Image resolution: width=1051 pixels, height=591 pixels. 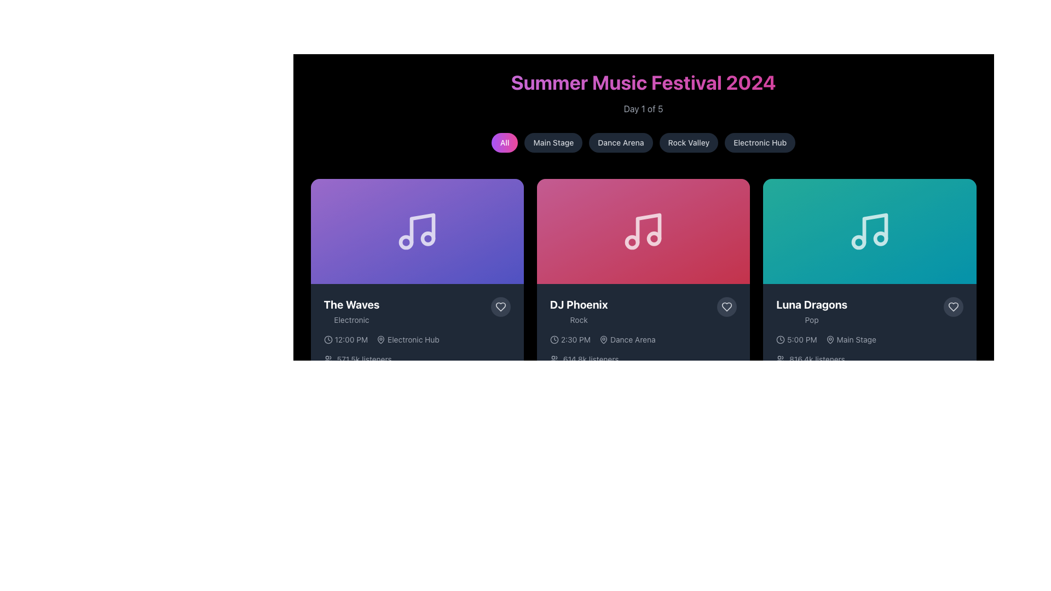 What do you see at coordinates (500, 306) in the screenshot?
I see `the heart icon button located in the bottom-right corner of the event card for 'The Waves' band` at bounding box center [500, 306].